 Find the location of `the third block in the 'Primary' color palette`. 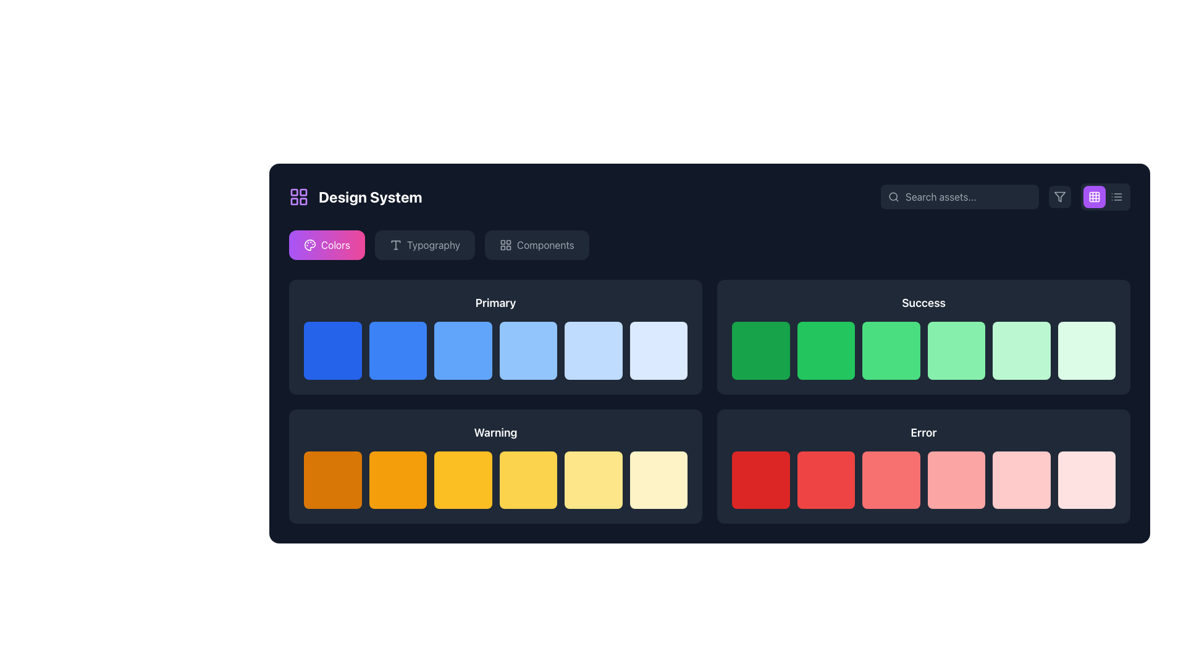

the third block in the 'Primary' color palette is located at coordinates (495, 337).